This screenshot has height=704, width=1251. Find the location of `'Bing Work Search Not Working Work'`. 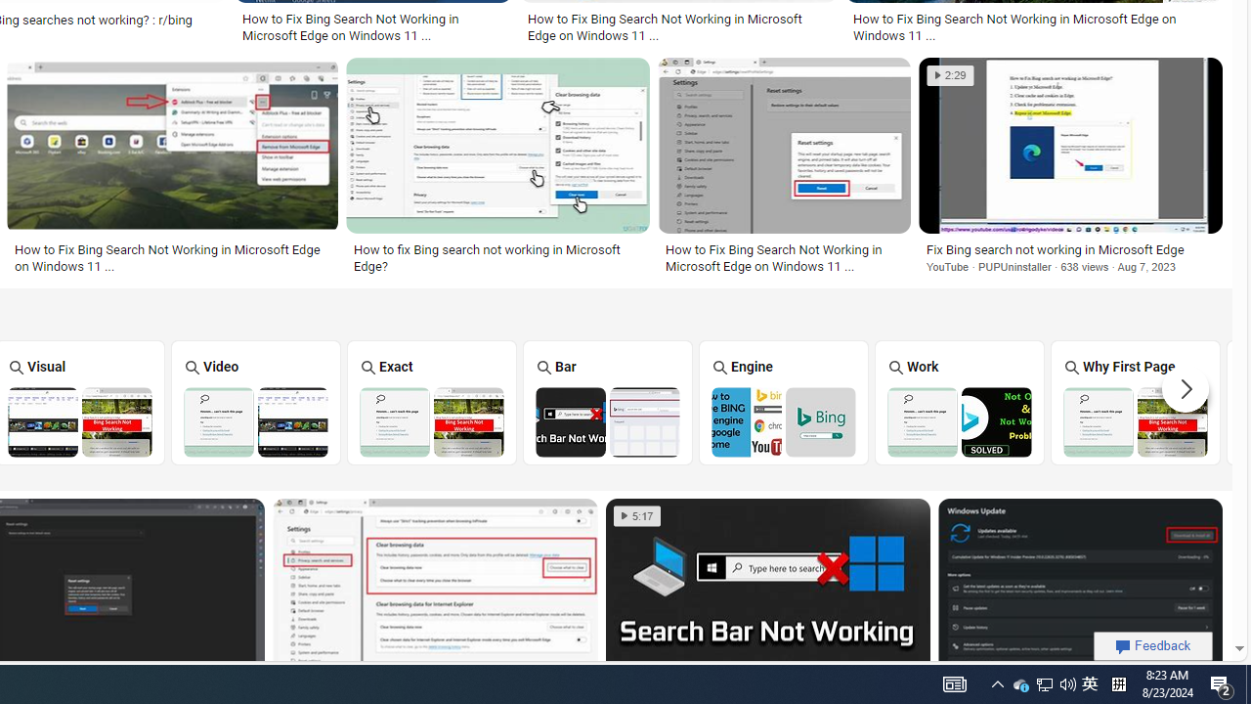

'Bing Work Search Not Working Work' is located at coordinates (959, 401).